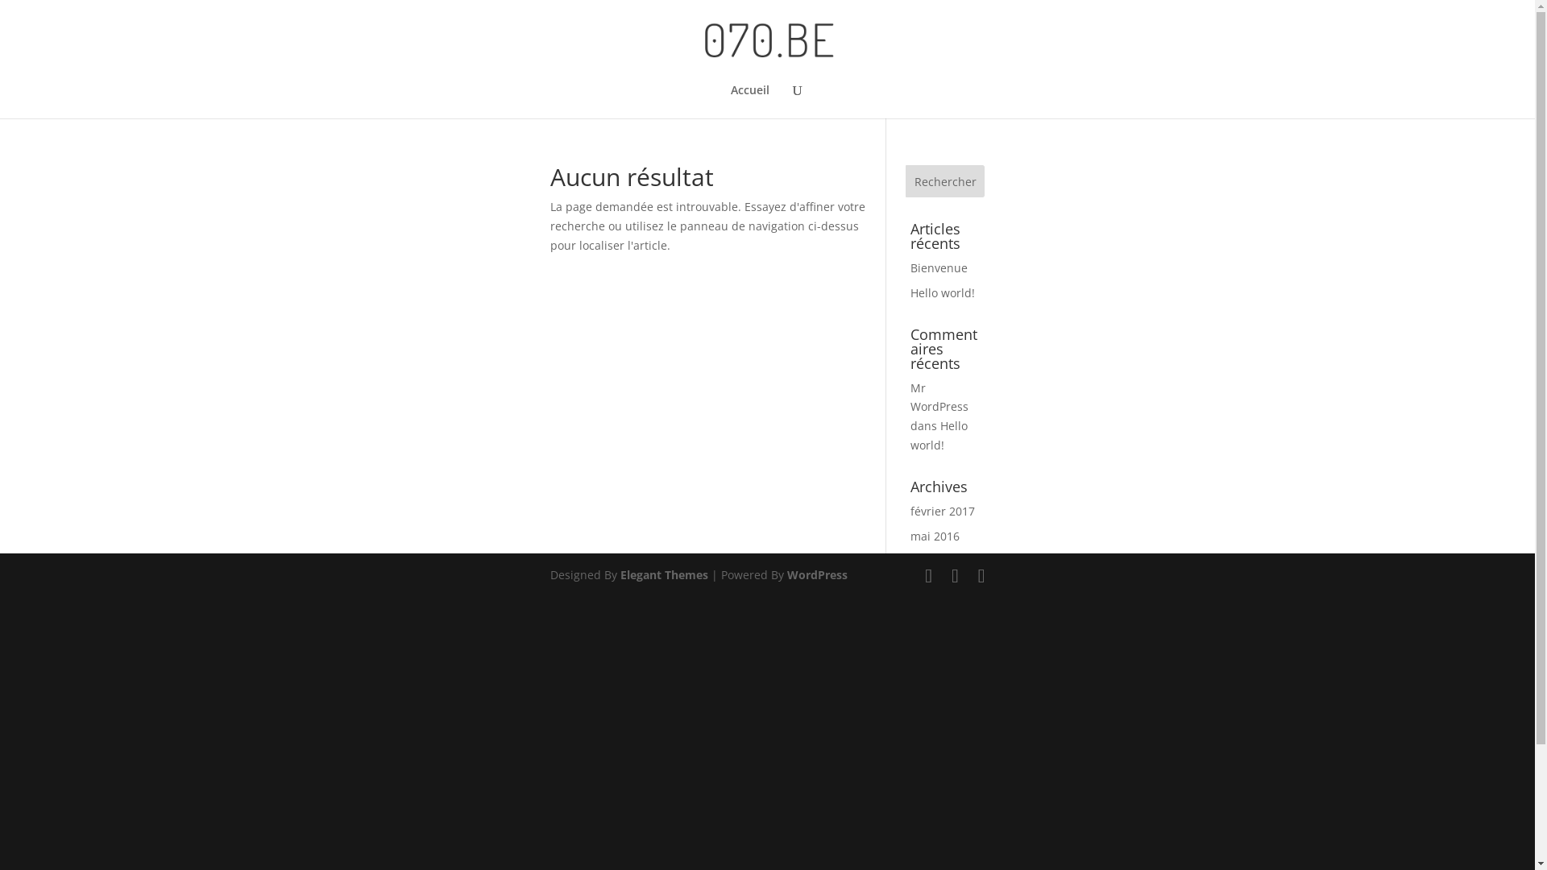 This screenshot has width=1547, height=870. What do you see at coordinates (664, 574) in the screenshot?
I see `'Elegant Themes'` at bounding box center [664, 574].